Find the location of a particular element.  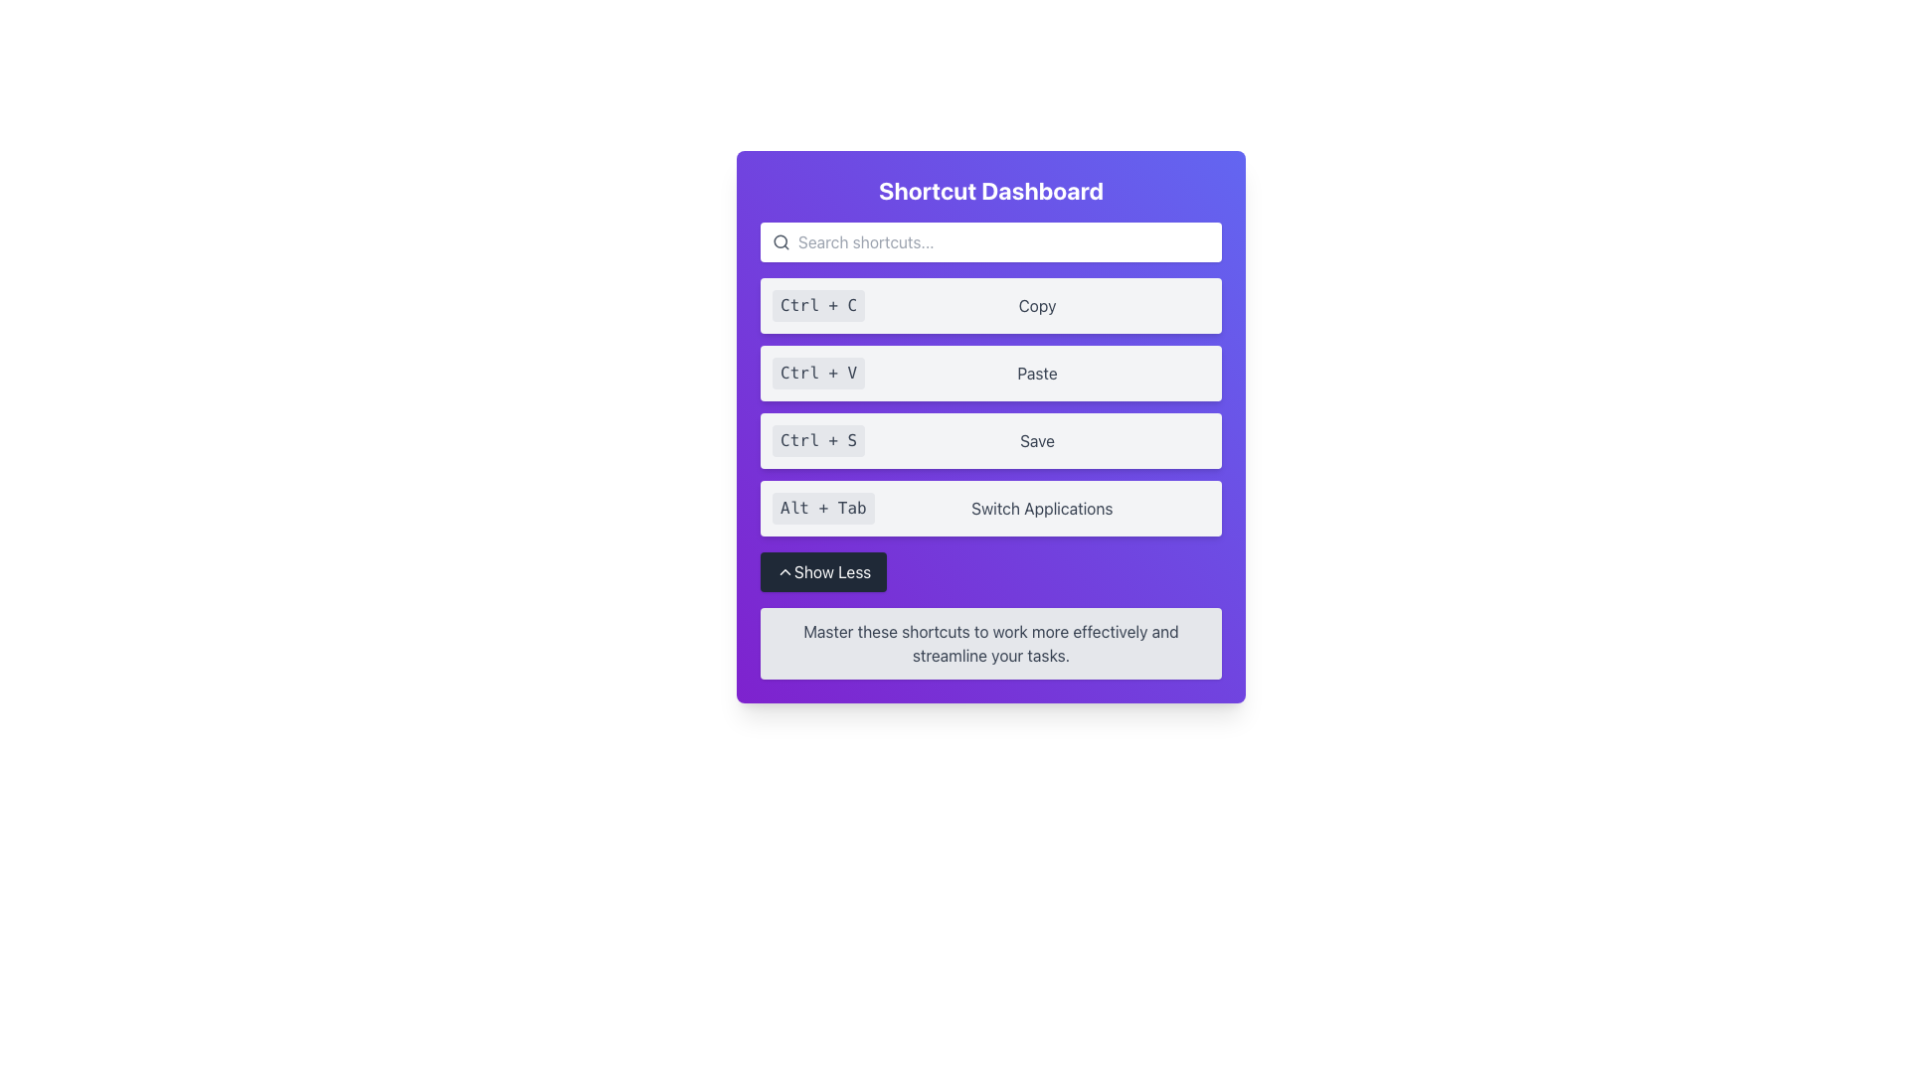

the Static Text displaying 'Master these shortcuts to work more effectively and streamline your tasks.' located beneath the 'Show Less' button is located at coordinates (991, 644).